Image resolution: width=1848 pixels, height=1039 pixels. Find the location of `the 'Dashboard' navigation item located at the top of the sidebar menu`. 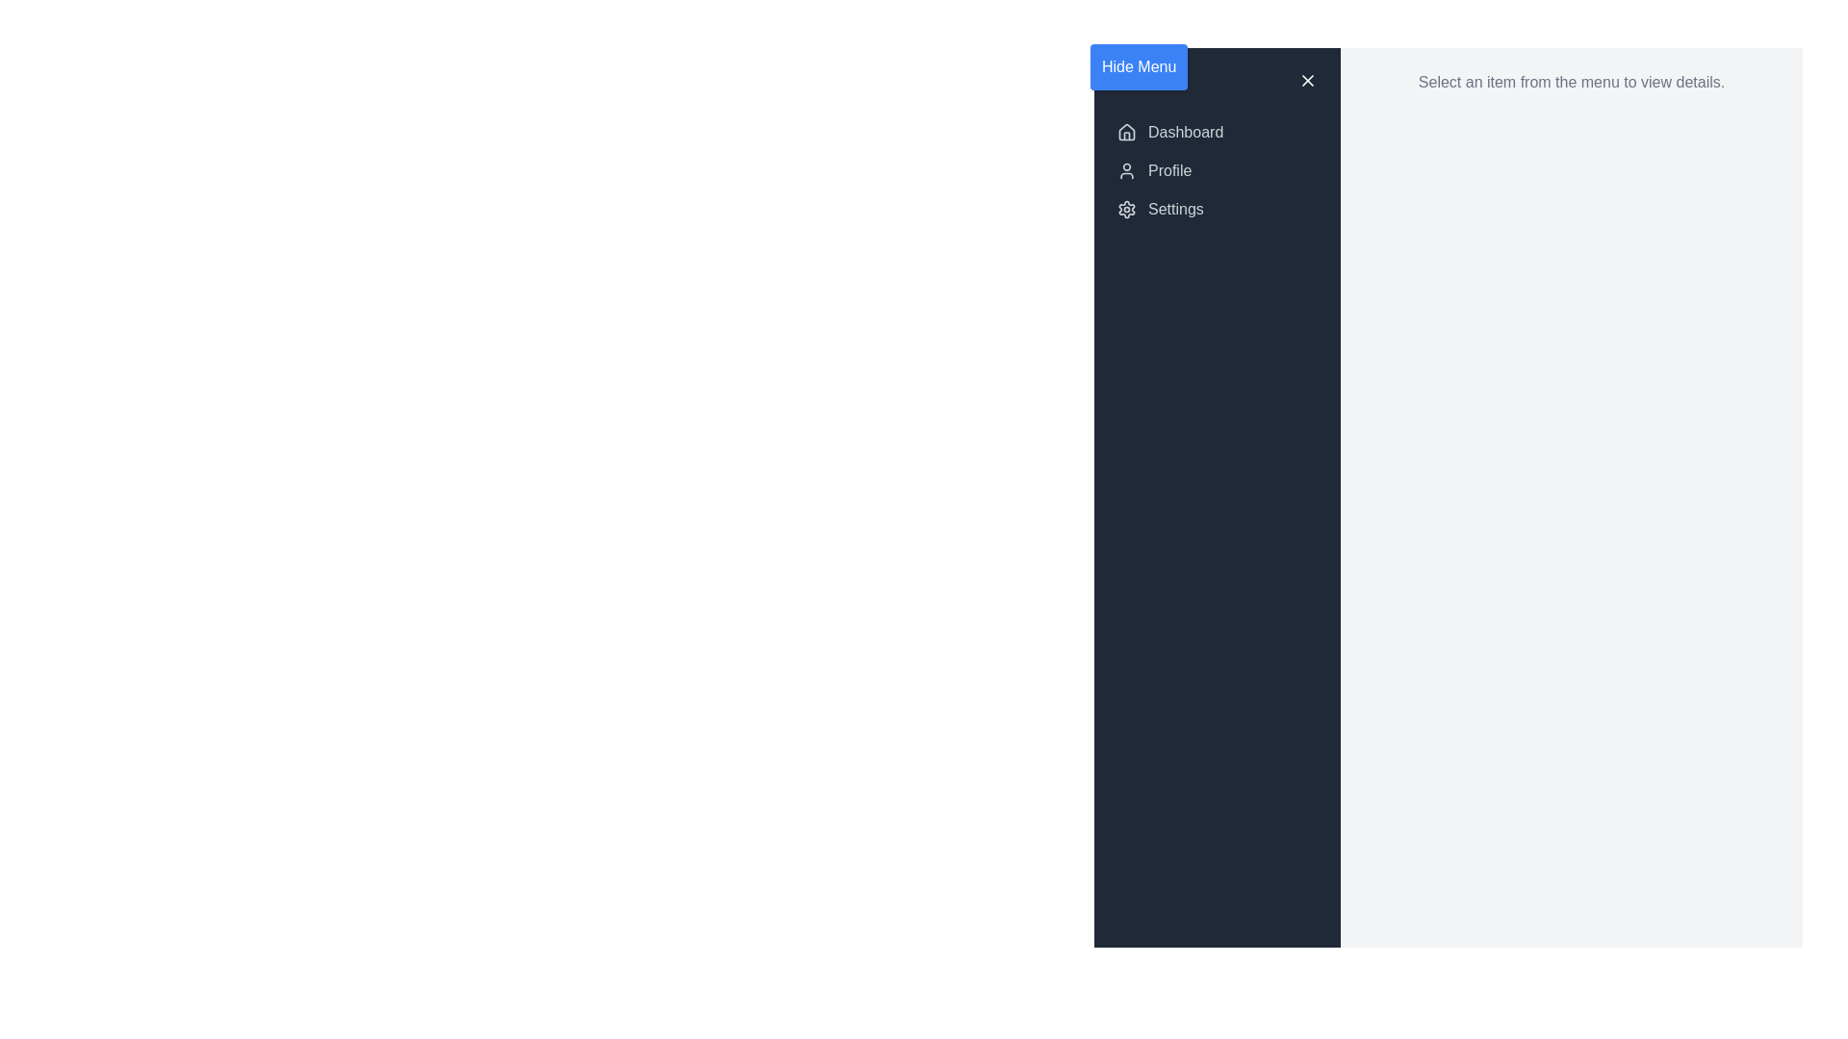

the 'Dashboard' navigation item located at the top of the sidebar menu is located at coordinates (1217, 132).